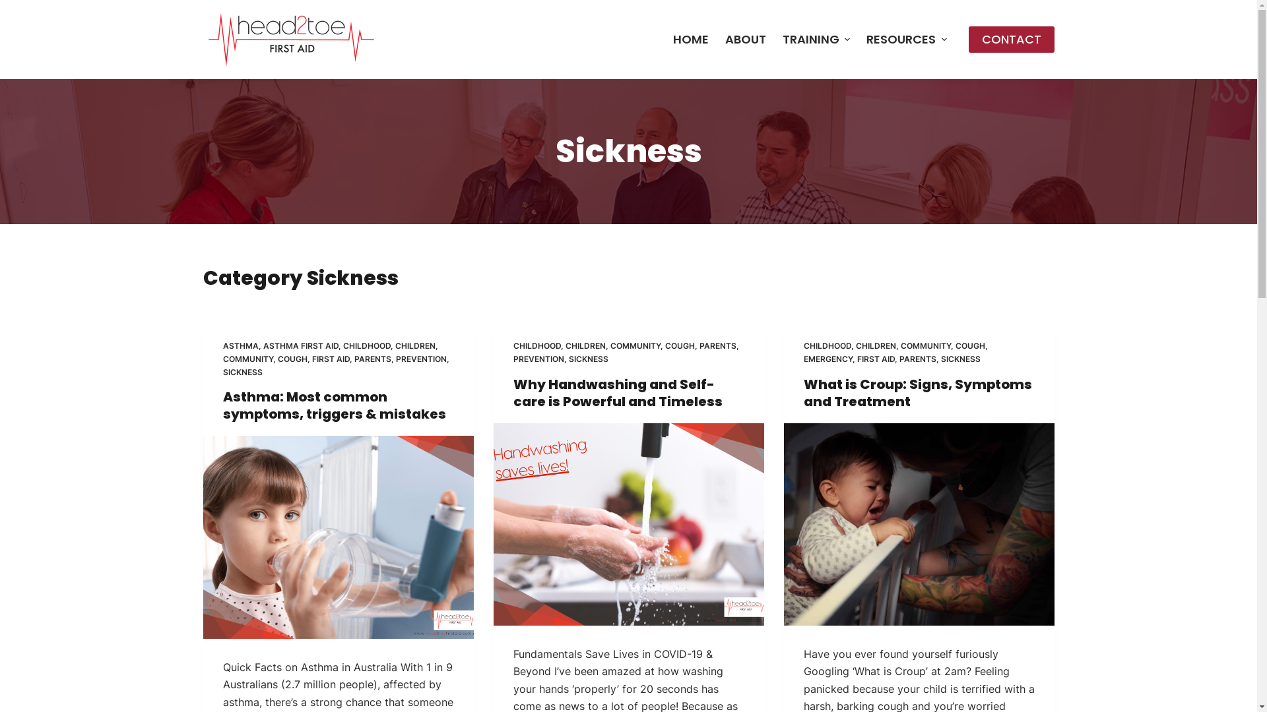 This screenshot has width=1267, height=712. I want to click on 'RESOURCES', so click(906, 39).